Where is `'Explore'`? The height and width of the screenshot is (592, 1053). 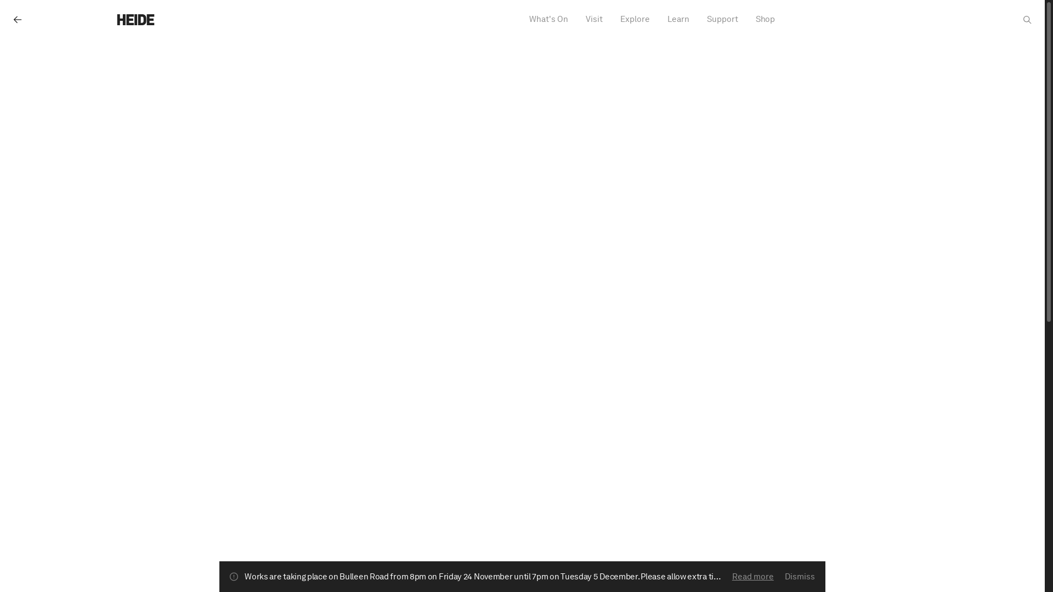
'Explore' is located at coordinates (618, 19).